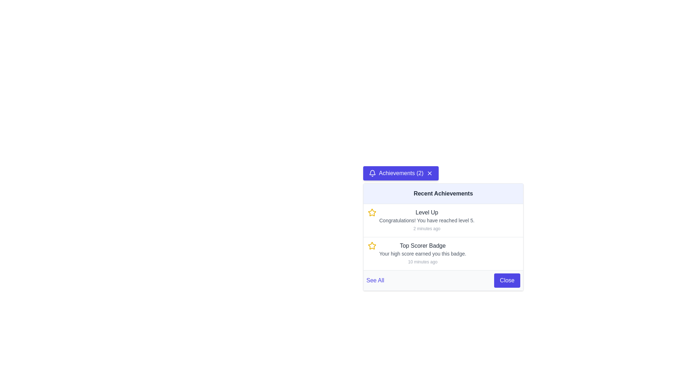  What do you see at coordinates (427, 220) in the screenshot?
I see `notification details of the 'Level Up' notification in the Recent Achievements section, which includes the title 'Level Up', the message 'Congratulations! You have reached level 5.', and the timestamp '2 minutes ago'` at bounding box center [427, 220].